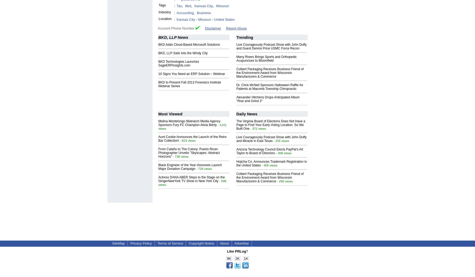  I want to click on 'Location', so click(165, 18).